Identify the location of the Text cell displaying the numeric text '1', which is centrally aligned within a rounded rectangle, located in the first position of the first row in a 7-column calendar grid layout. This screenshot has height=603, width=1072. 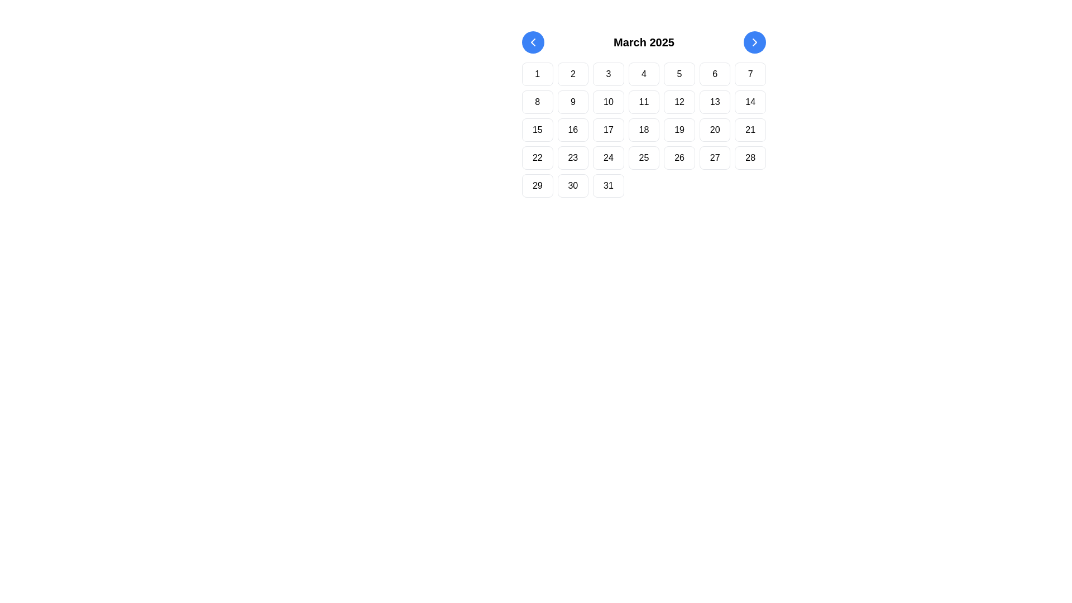
(537, 74).